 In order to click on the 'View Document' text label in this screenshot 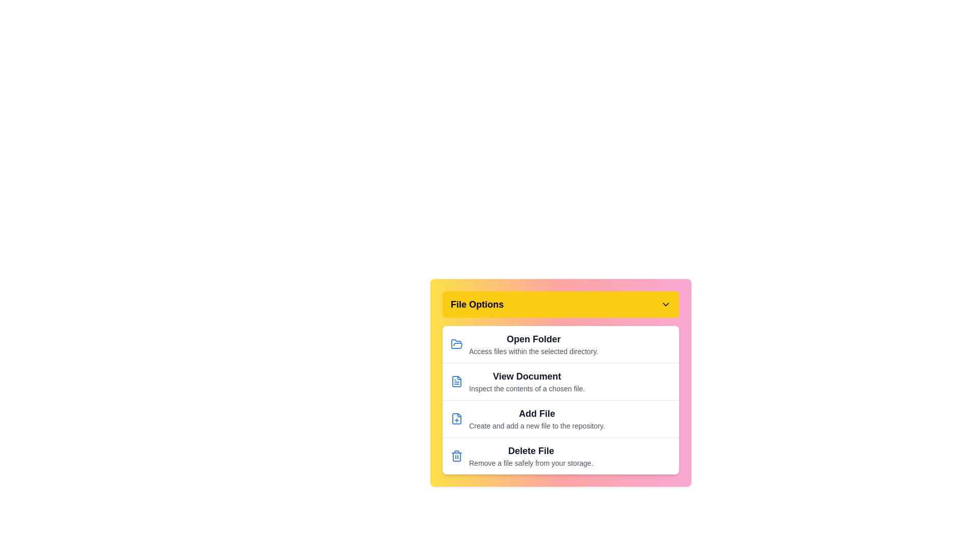, I will do `click(527, 376)`.